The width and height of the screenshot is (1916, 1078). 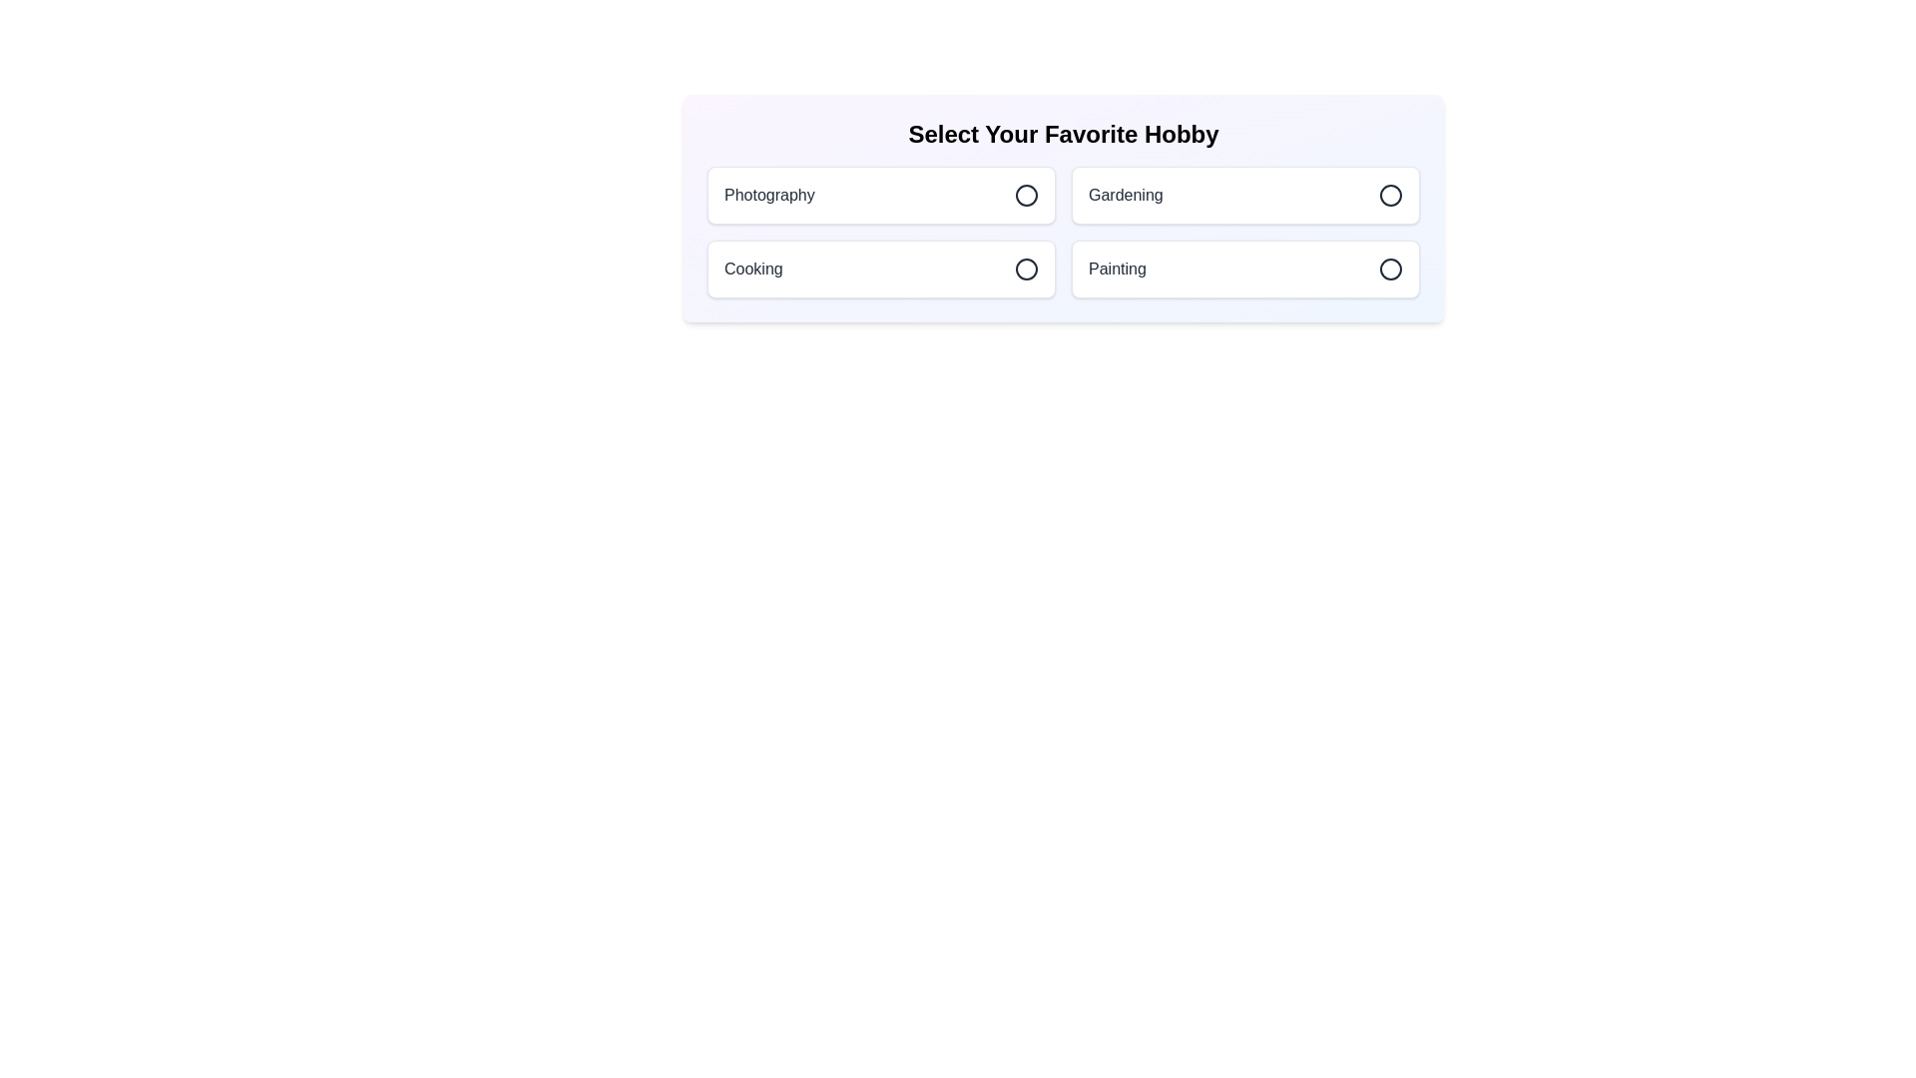 I want to click on the inner circle of the radio button associated with the 'Painting' option, located in the bottom-right corner of its selection box, so click(x=1389, y=269).